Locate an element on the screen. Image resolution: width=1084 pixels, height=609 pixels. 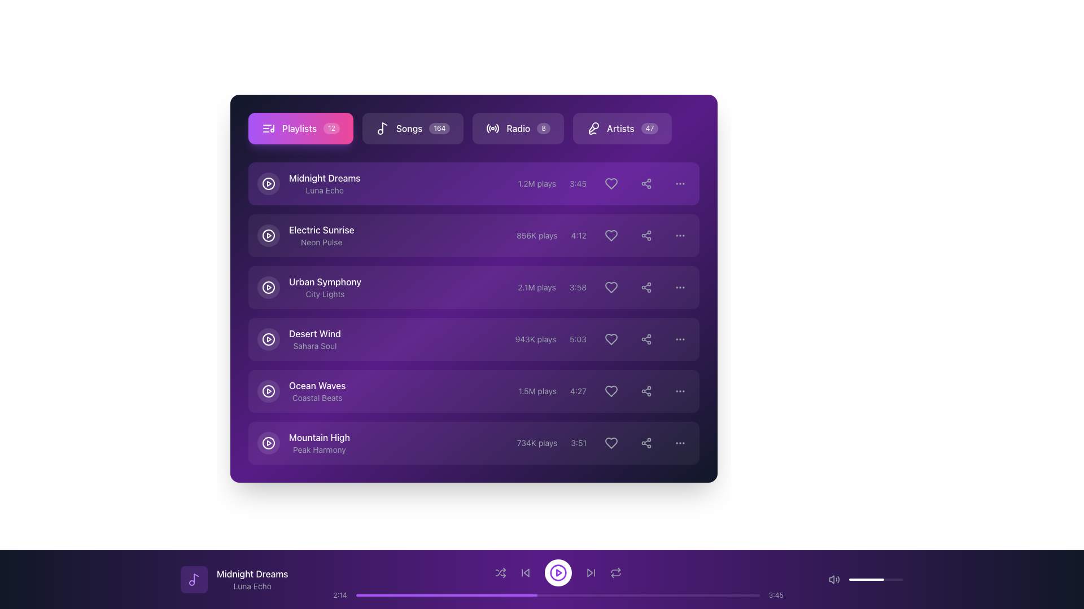
the heart icon button for the song 'Urban Symphony' is located at coordinates (604, 286).